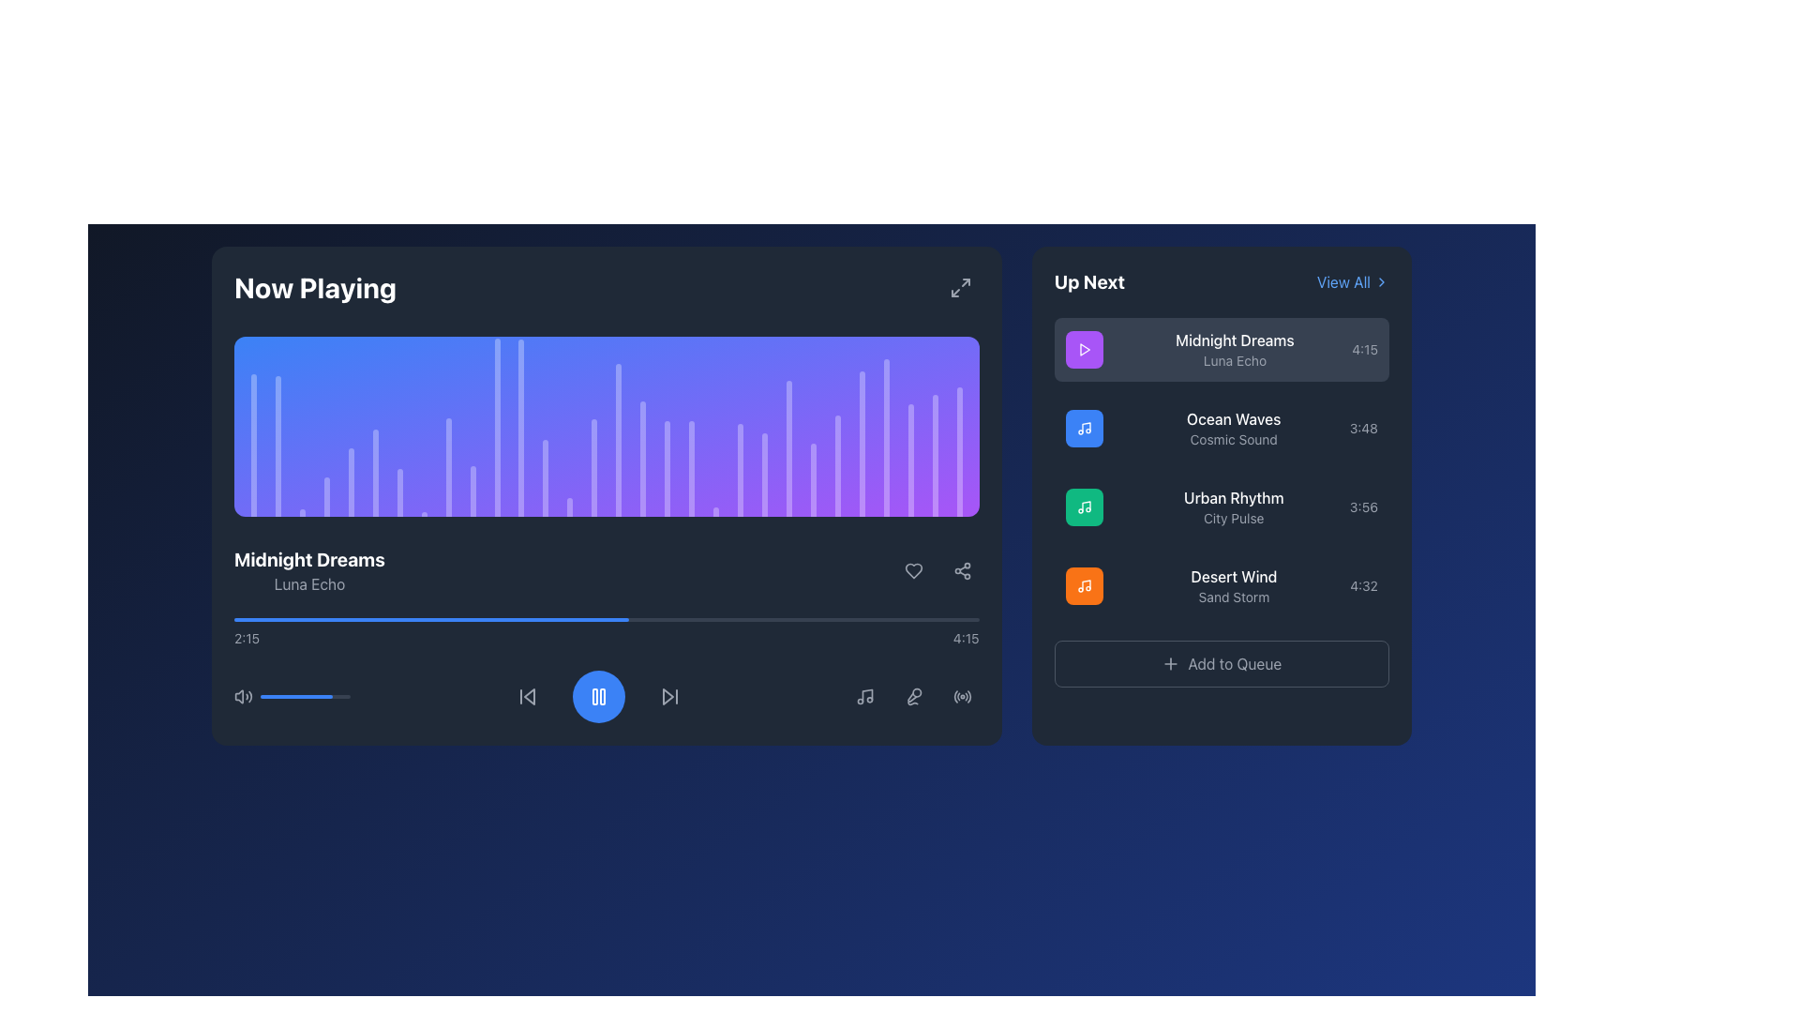  What do you see at coordinates (1235, 340) in the screenshot?
I see `the text label 'Midnight Dreams' which is styled in white color and medium font weight, positioned above 'Luna Echo' within the 'Up Next' section` at bounding box center [1235, 340].